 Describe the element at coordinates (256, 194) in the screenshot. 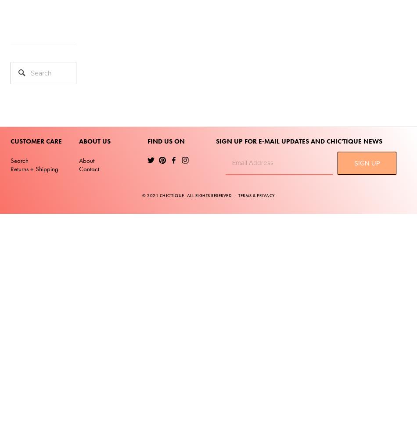

I see `'TERMS & PRIVACY'` at that location.